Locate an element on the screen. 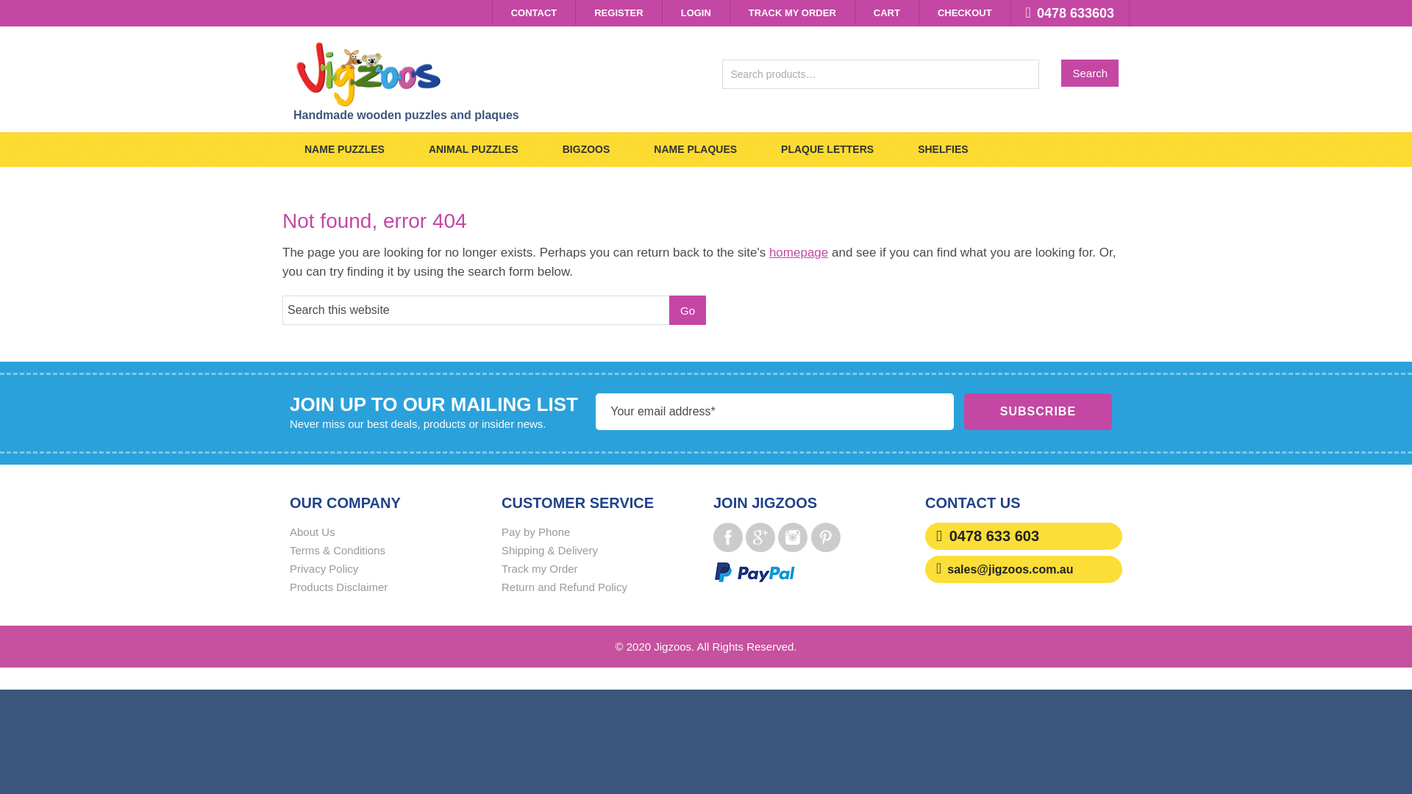 The width and height of the screenshot is (1412, 794). 'TRACK MY ORDER' is located at coordinates (730, 12).